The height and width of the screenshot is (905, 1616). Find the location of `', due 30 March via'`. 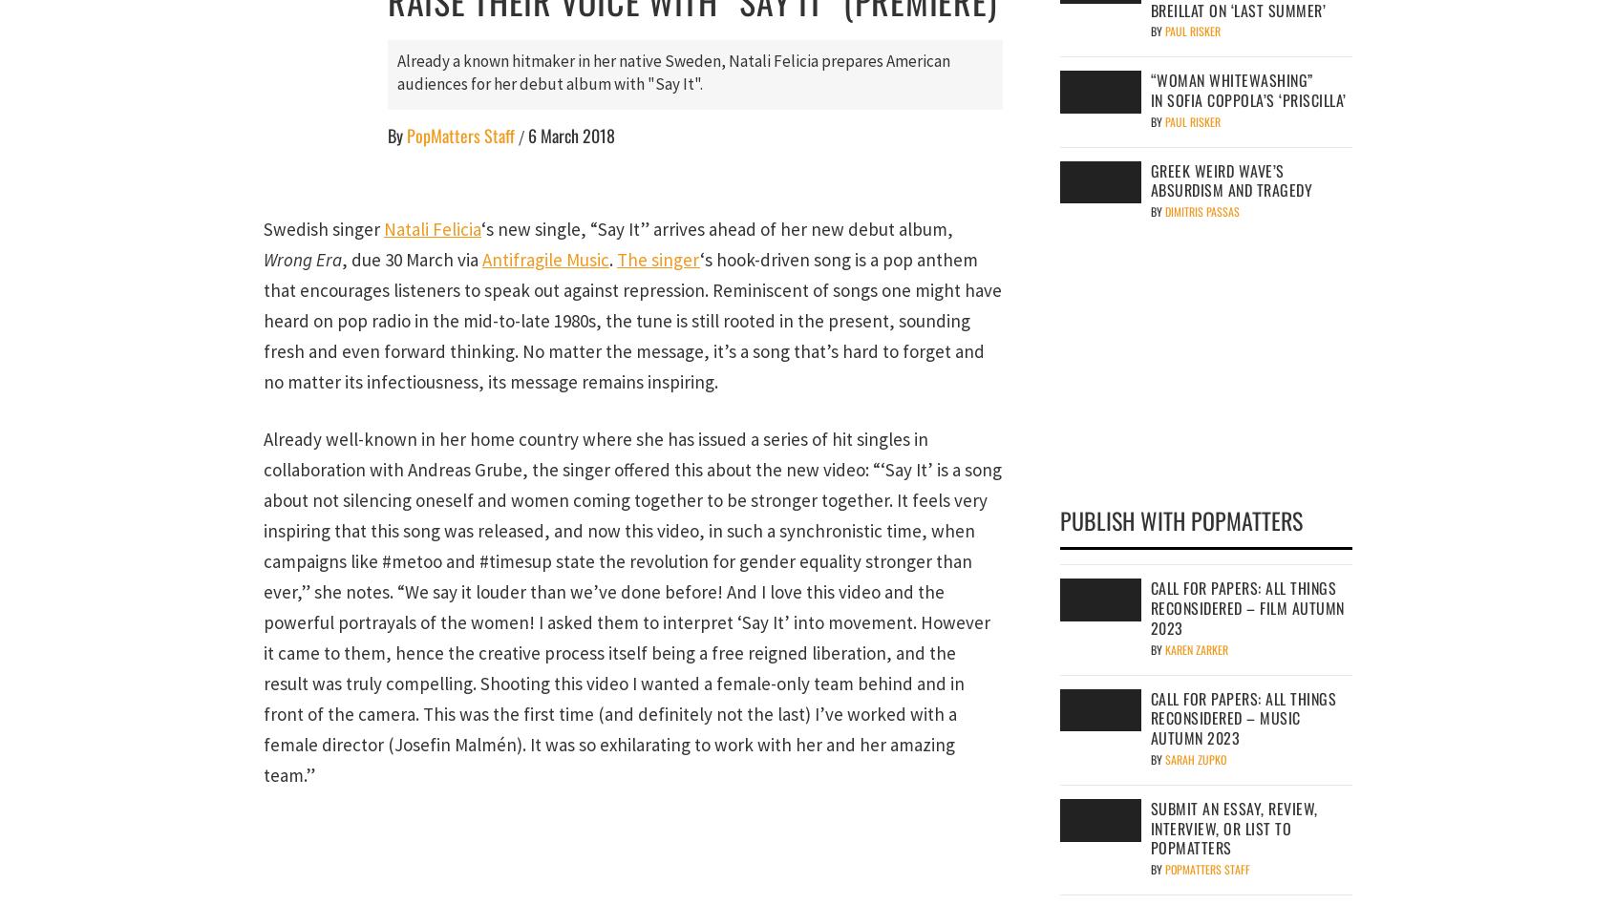

', due 30 March via' is located at coordinates (411, 259).